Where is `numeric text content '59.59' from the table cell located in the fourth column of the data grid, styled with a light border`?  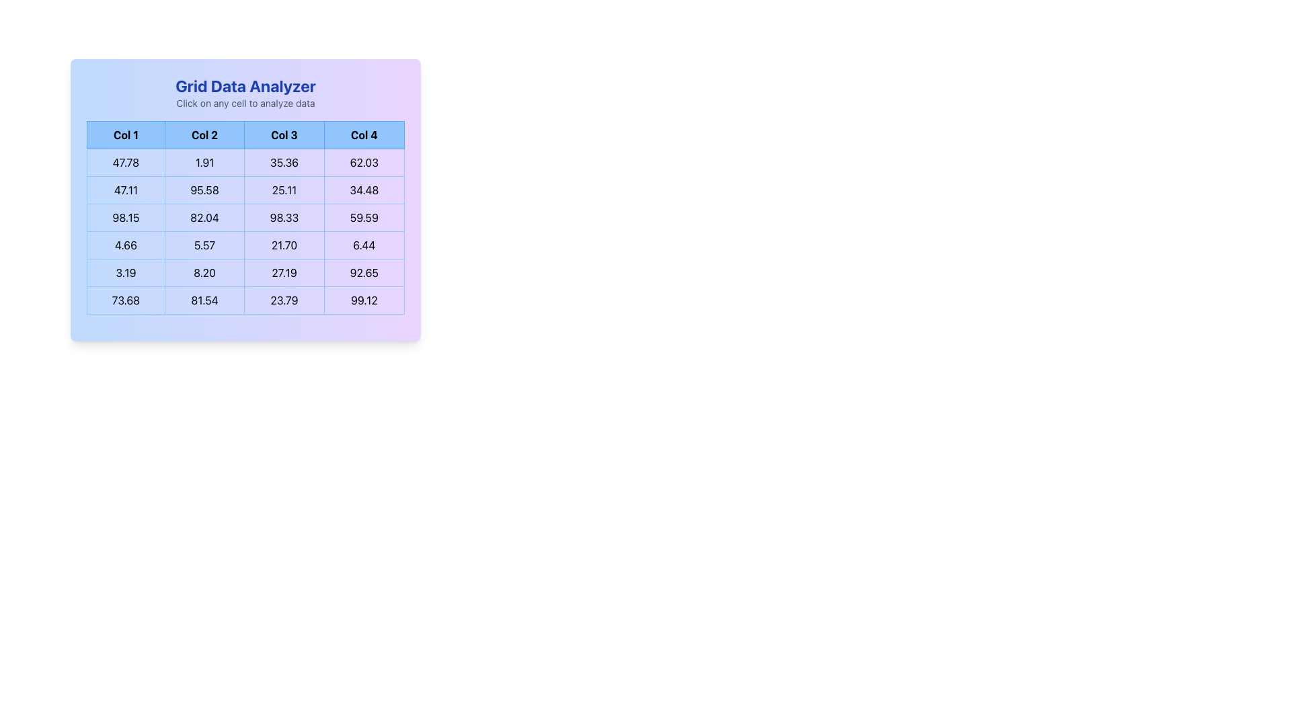 numeric text content '59.59' from the table cell located in the fourth column of the data grid, styled with a light border is located at coordinates (364, 217).